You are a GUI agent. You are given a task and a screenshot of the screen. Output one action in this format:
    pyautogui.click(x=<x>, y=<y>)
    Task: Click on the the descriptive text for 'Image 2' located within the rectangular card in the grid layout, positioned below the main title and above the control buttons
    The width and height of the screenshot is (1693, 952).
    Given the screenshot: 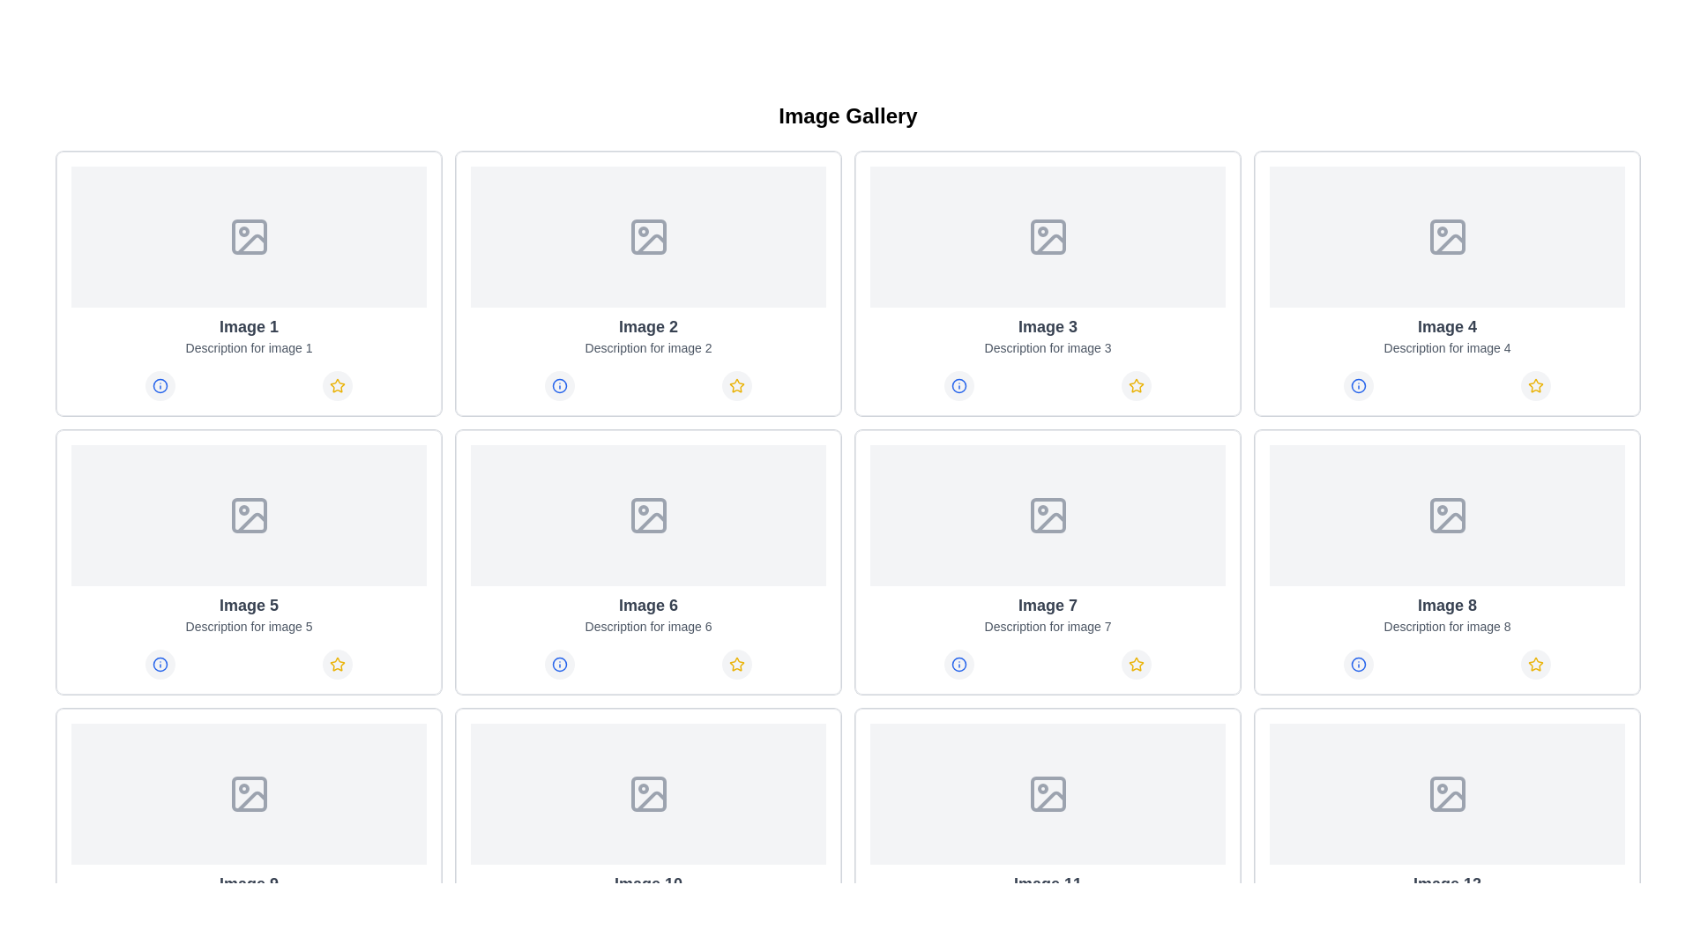 What is the action you would take?
    pyautogui.click(x=647, y=347)
    